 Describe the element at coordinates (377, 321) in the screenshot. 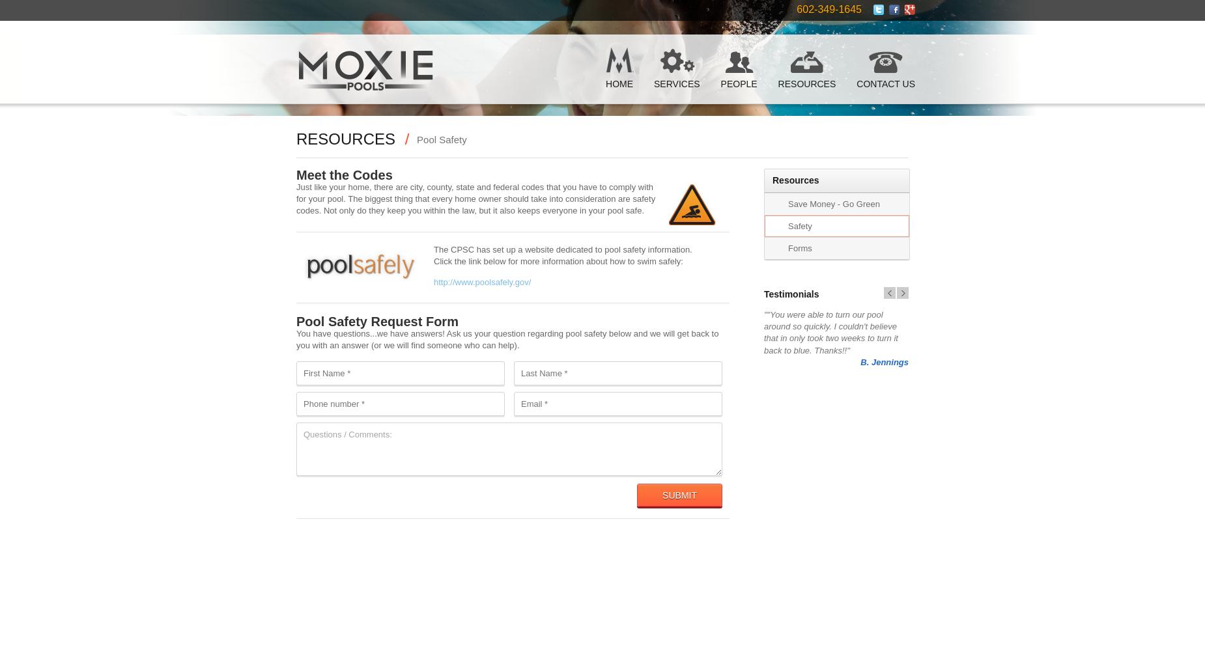

I see `'Pool Safety Request Form'` at that location.